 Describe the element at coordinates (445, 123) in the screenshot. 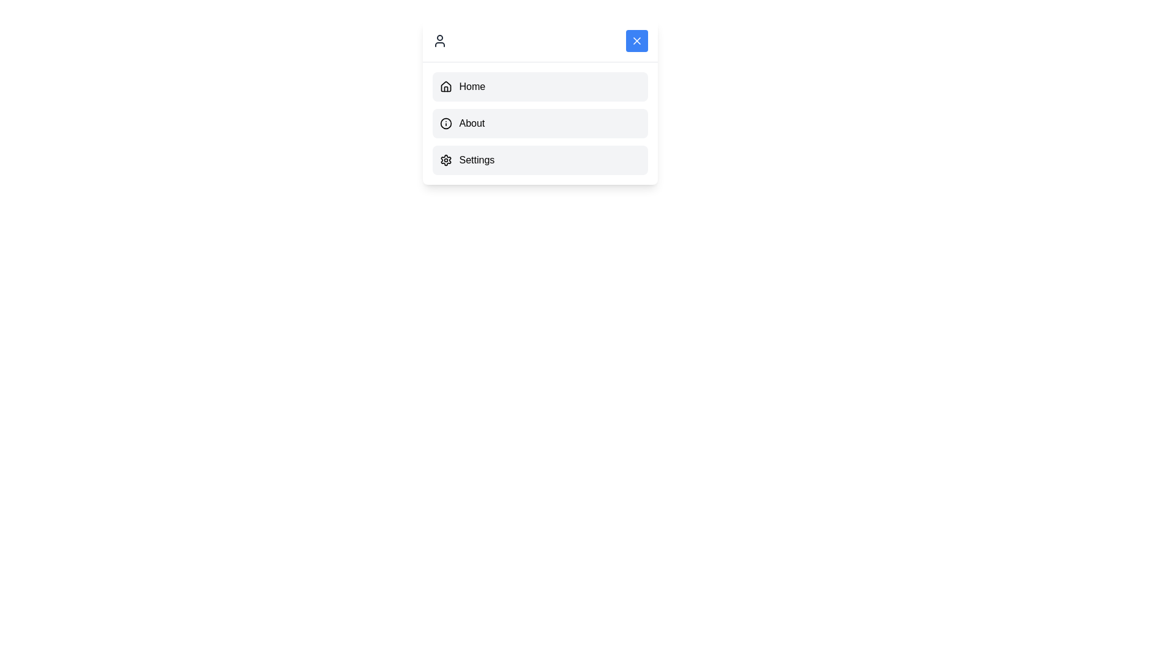

I see `the circular icon component of the about button, which is the second item from the top in the vertical navigation bar` at that location.